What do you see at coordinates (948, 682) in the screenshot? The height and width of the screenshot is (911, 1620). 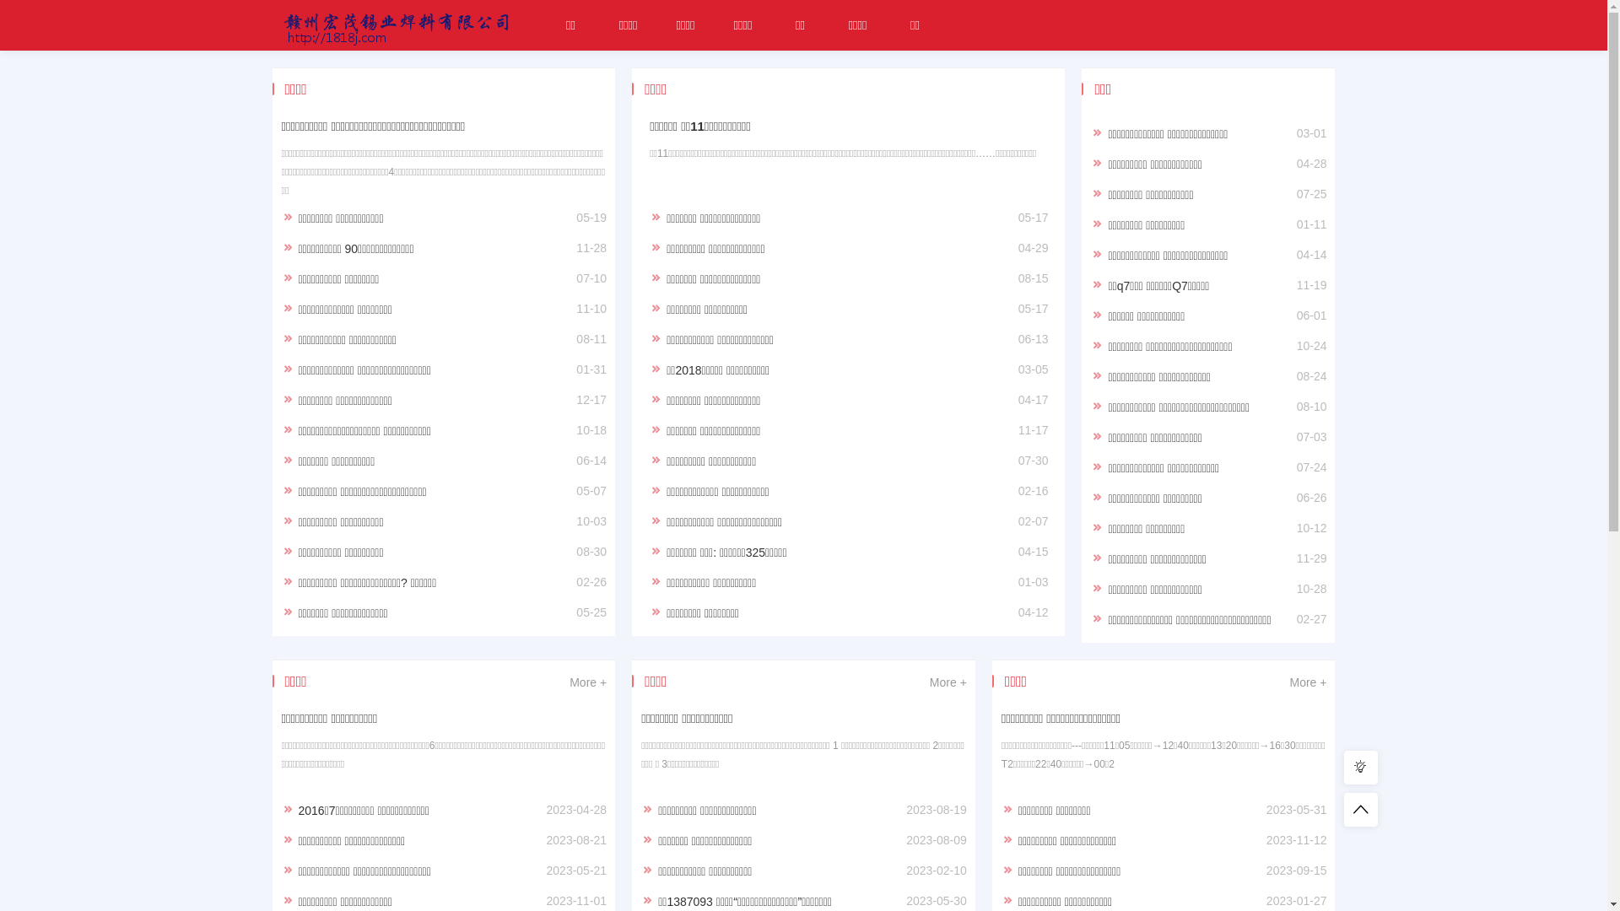 I see `'More +'` at bounding box center [948, 682].